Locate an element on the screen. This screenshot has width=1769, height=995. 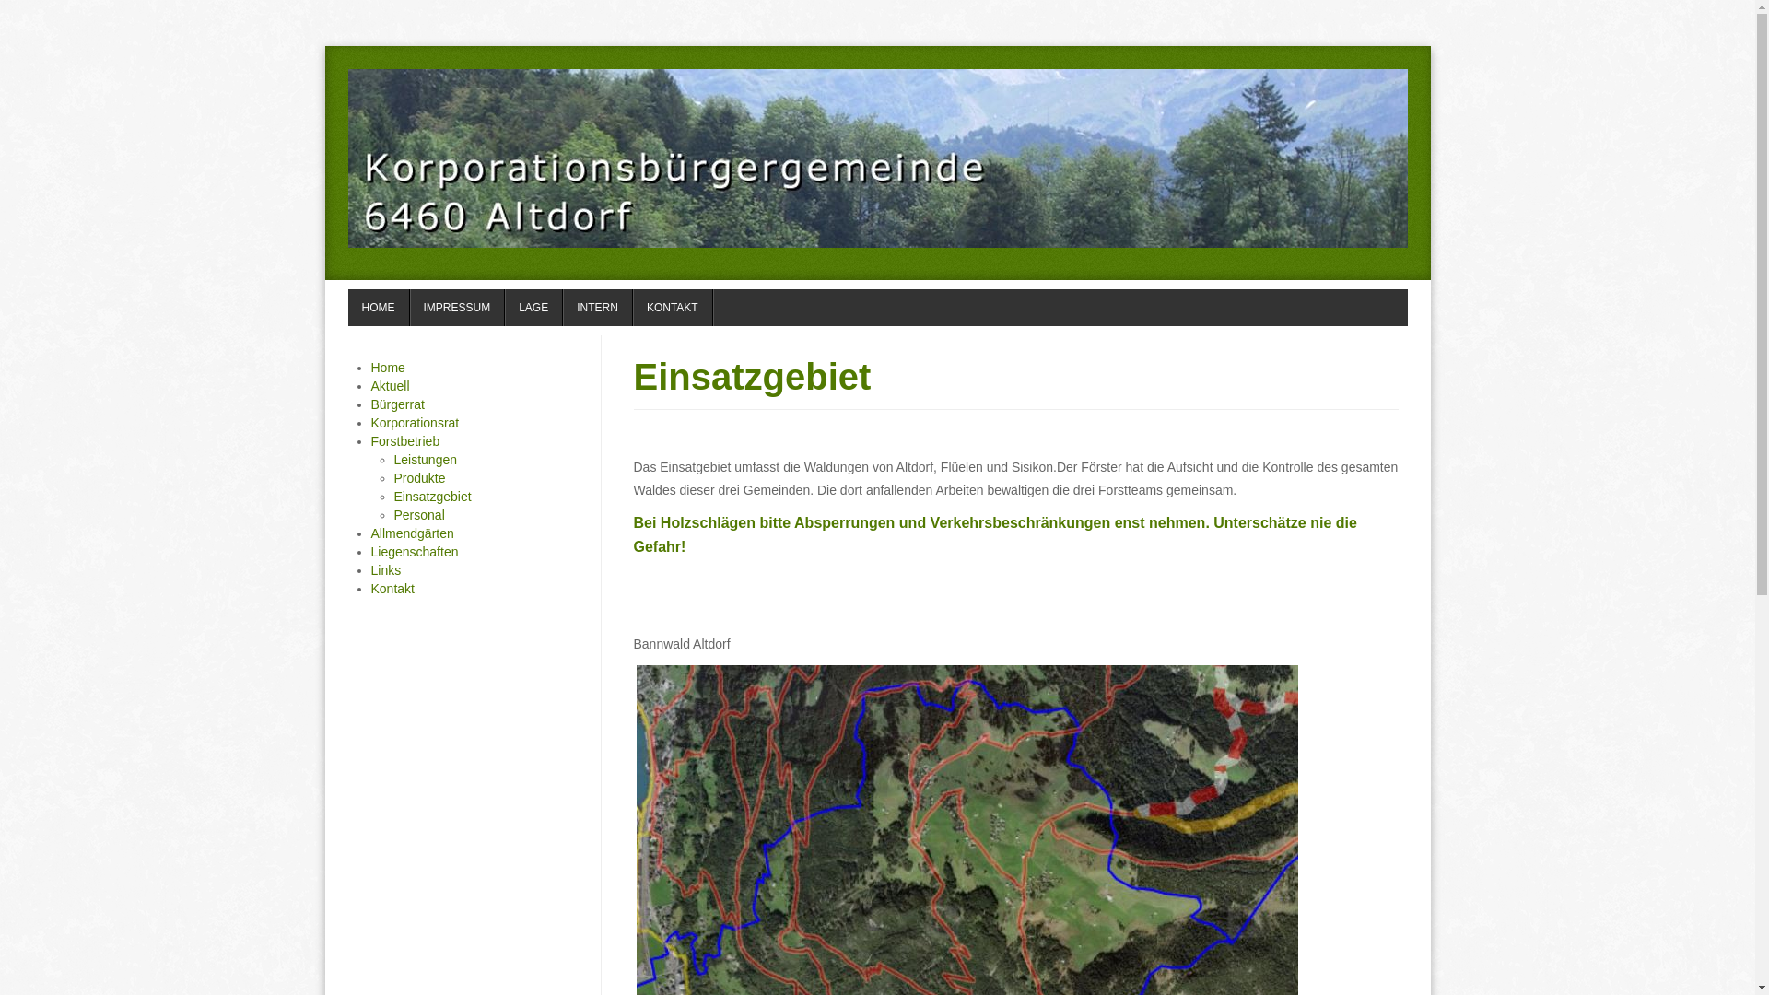
'LAGE' is located at coordinates (504, 307).